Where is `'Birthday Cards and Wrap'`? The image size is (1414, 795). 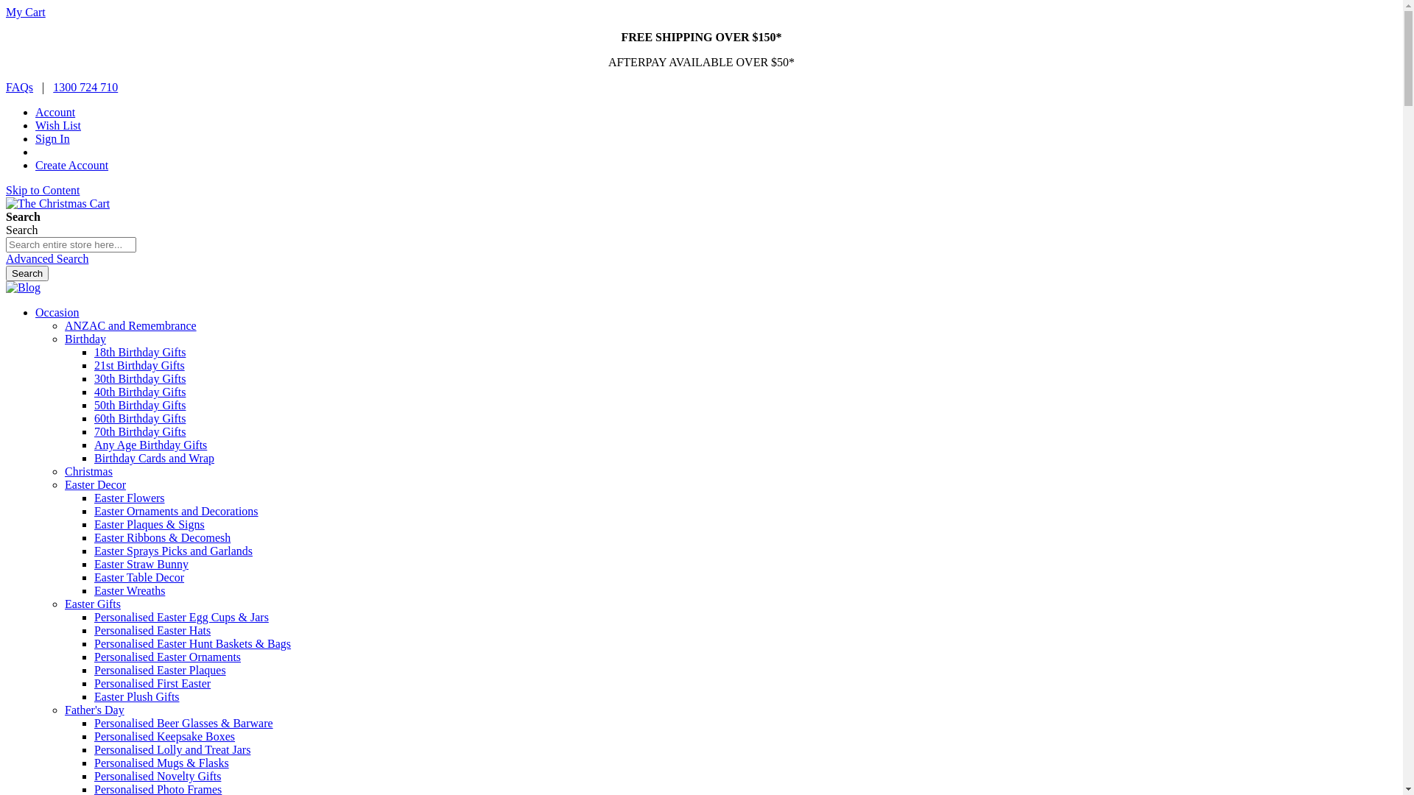
'Birthday Cards and Wrap' is located at coordinates (154, 457).